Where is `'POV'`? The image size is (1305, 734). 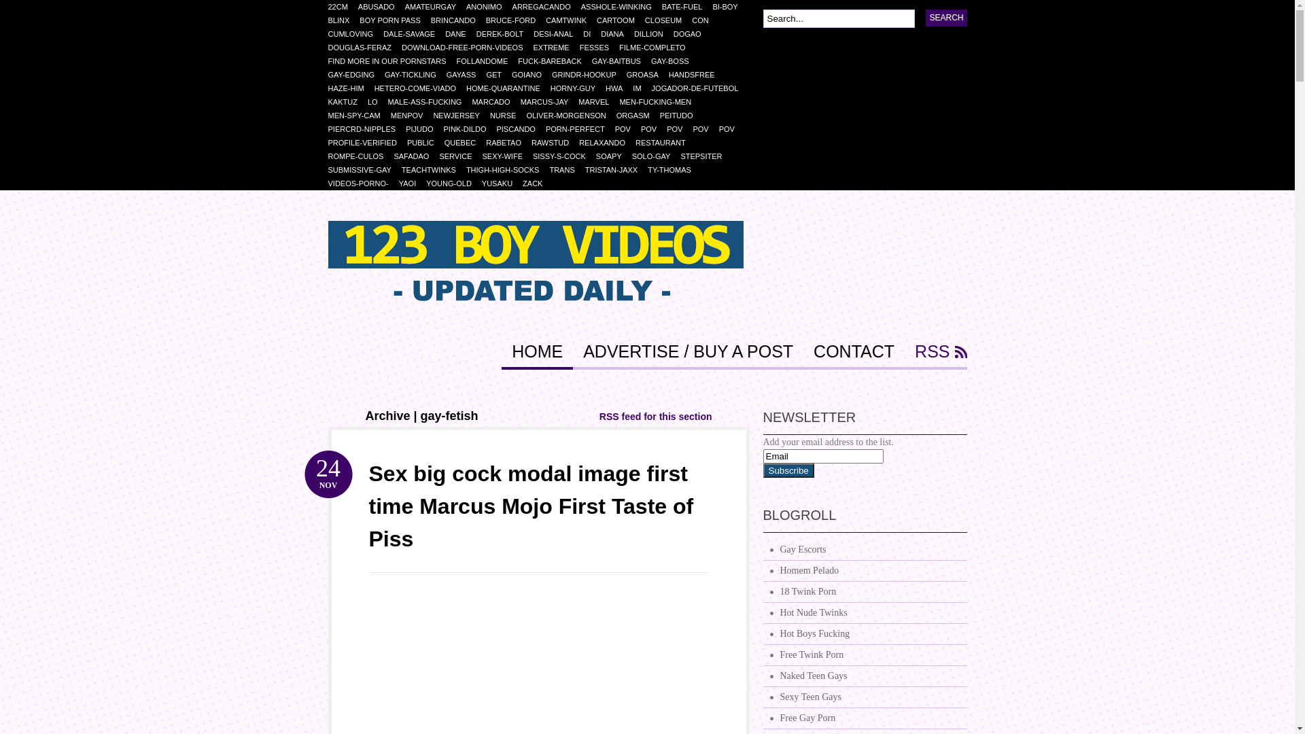
'POV' is located at coordinates (614, 128).